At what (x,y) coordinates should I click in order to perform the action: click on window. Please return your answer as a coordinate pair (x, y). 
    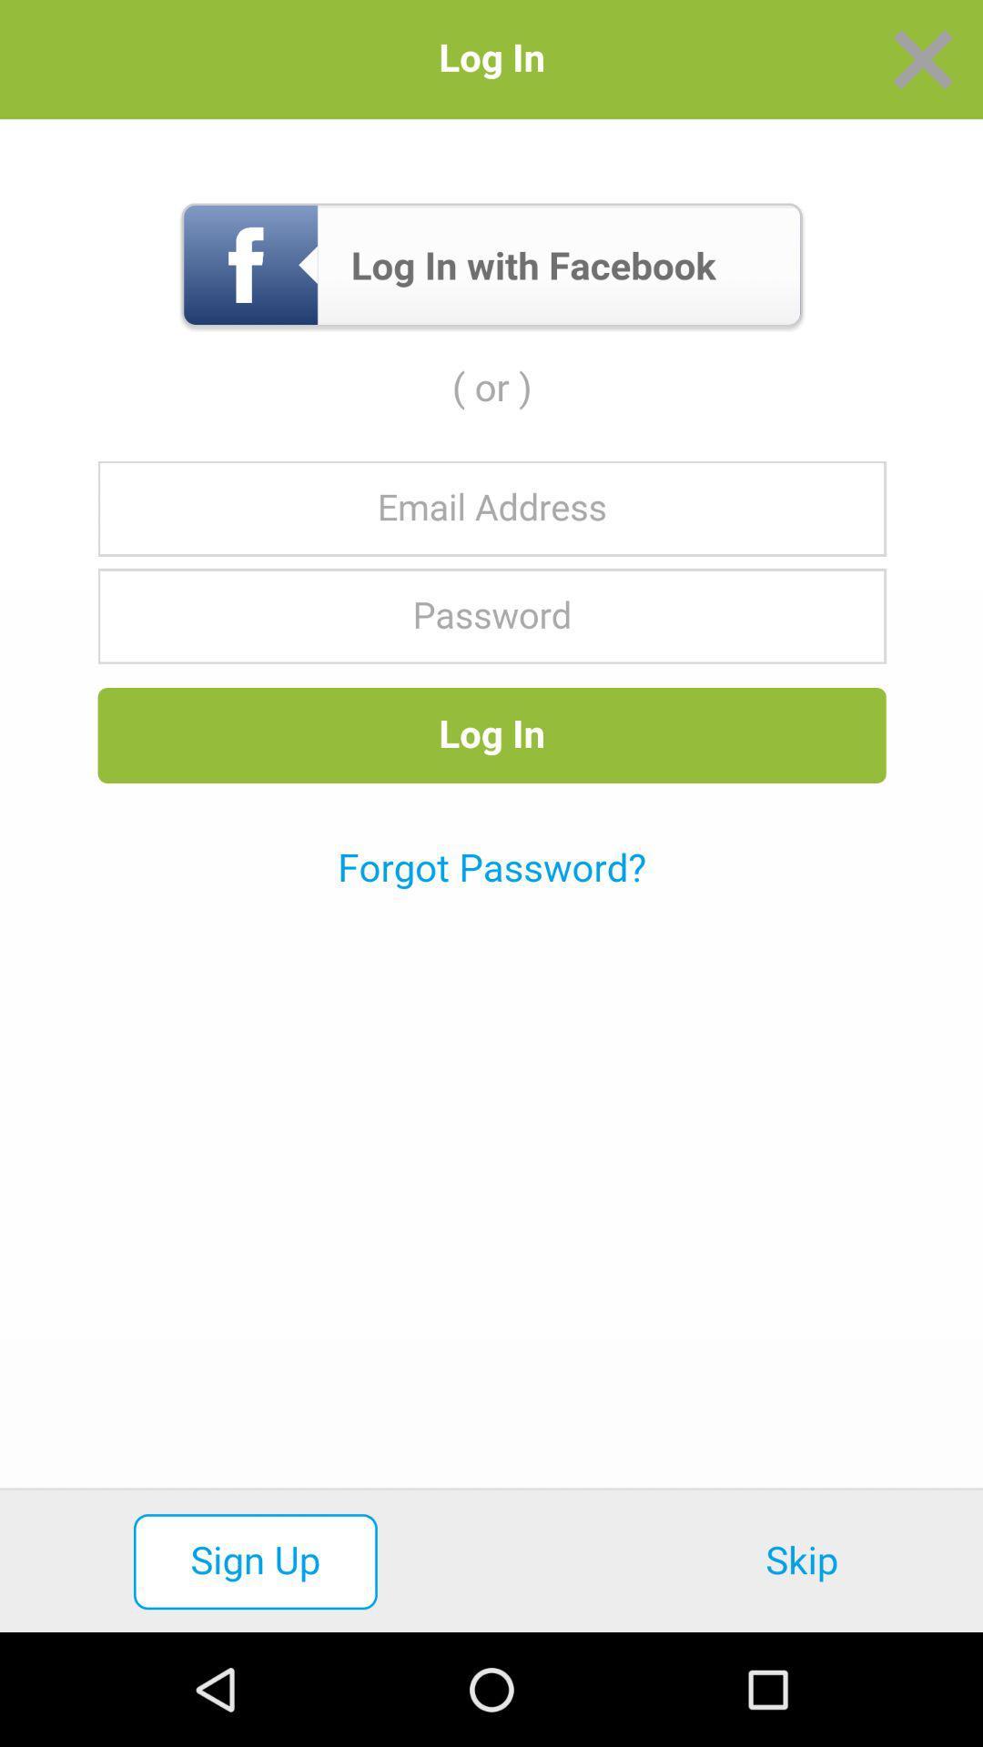
    Looking at the image, I should click on (923, 59).